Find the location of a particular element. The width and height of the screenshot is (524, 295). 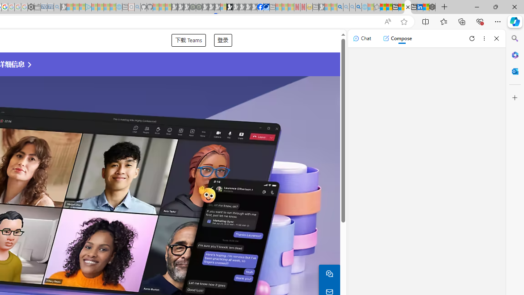

'Nordace | Facebook' is located at coordinates (260, 7).